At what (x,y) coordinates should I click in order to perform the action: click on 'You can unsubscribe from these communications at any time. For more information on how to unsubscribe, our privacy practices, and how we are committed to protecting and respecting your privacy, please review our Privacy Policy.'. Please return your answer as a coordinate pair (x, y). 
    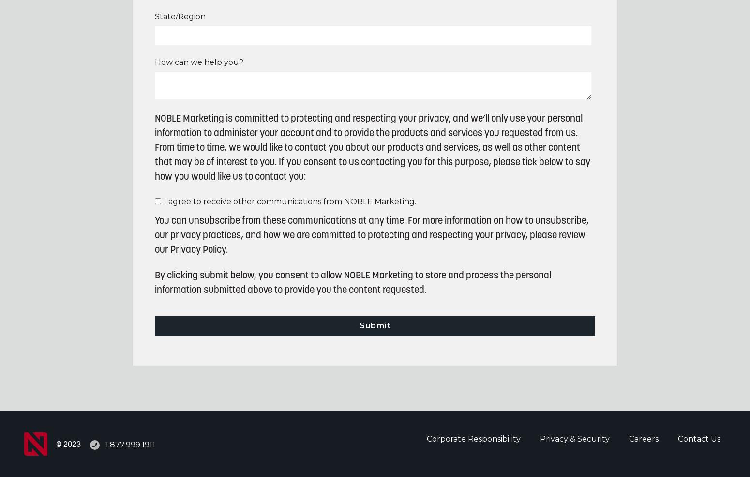
    Looking at the image, I should click on (154, 235).